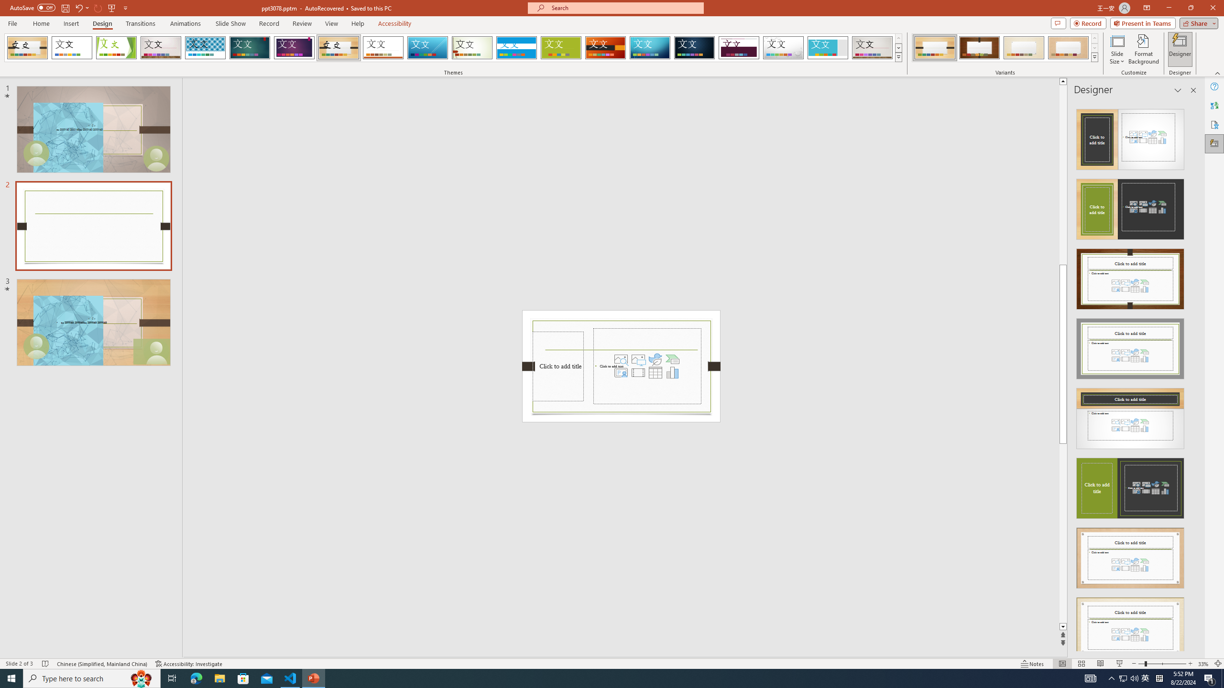  I want to click on 'Circuit', so click(649, 47).